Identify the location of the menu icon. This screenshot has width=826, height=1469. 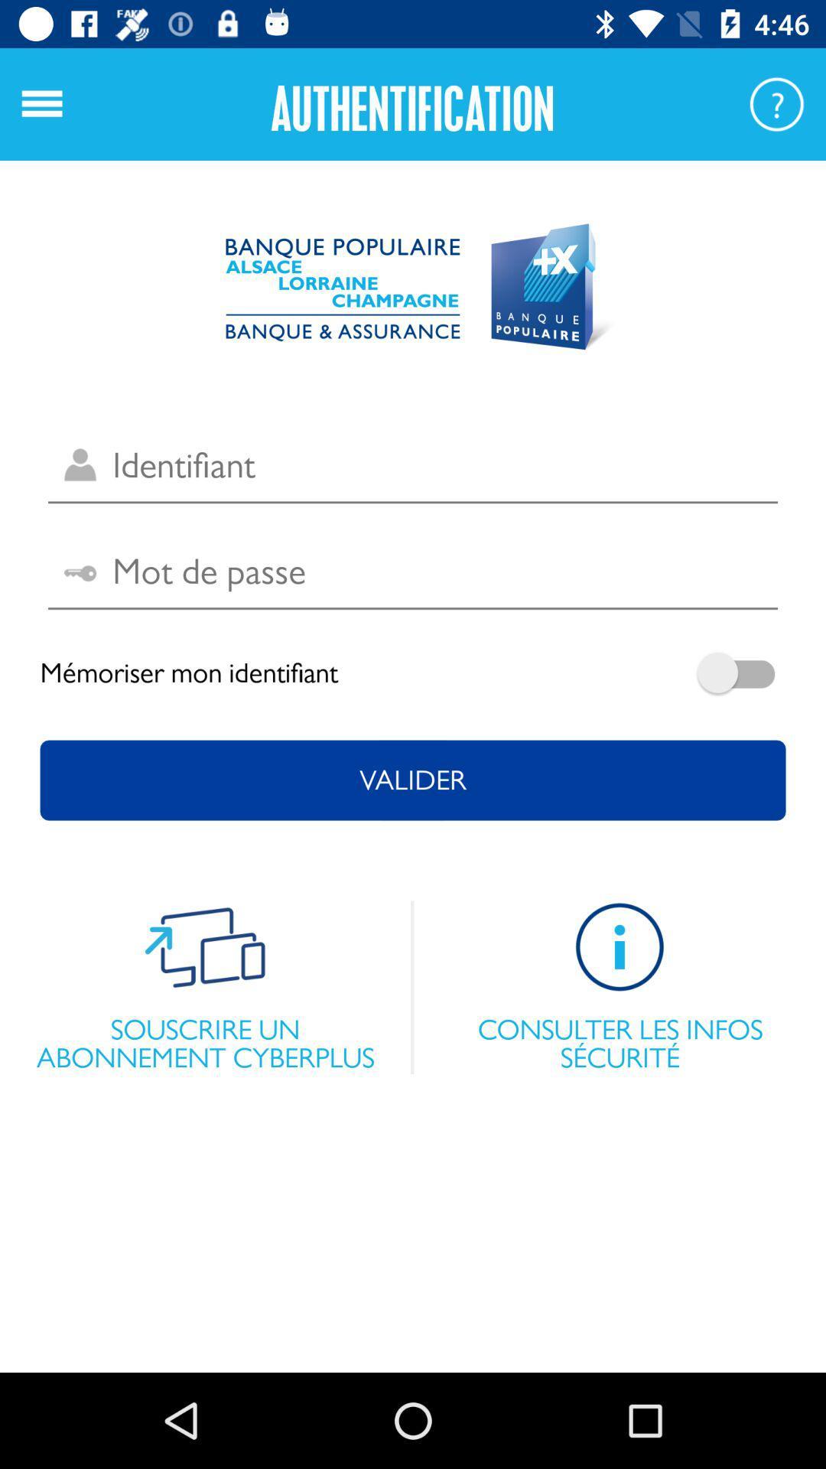
(41, 103).